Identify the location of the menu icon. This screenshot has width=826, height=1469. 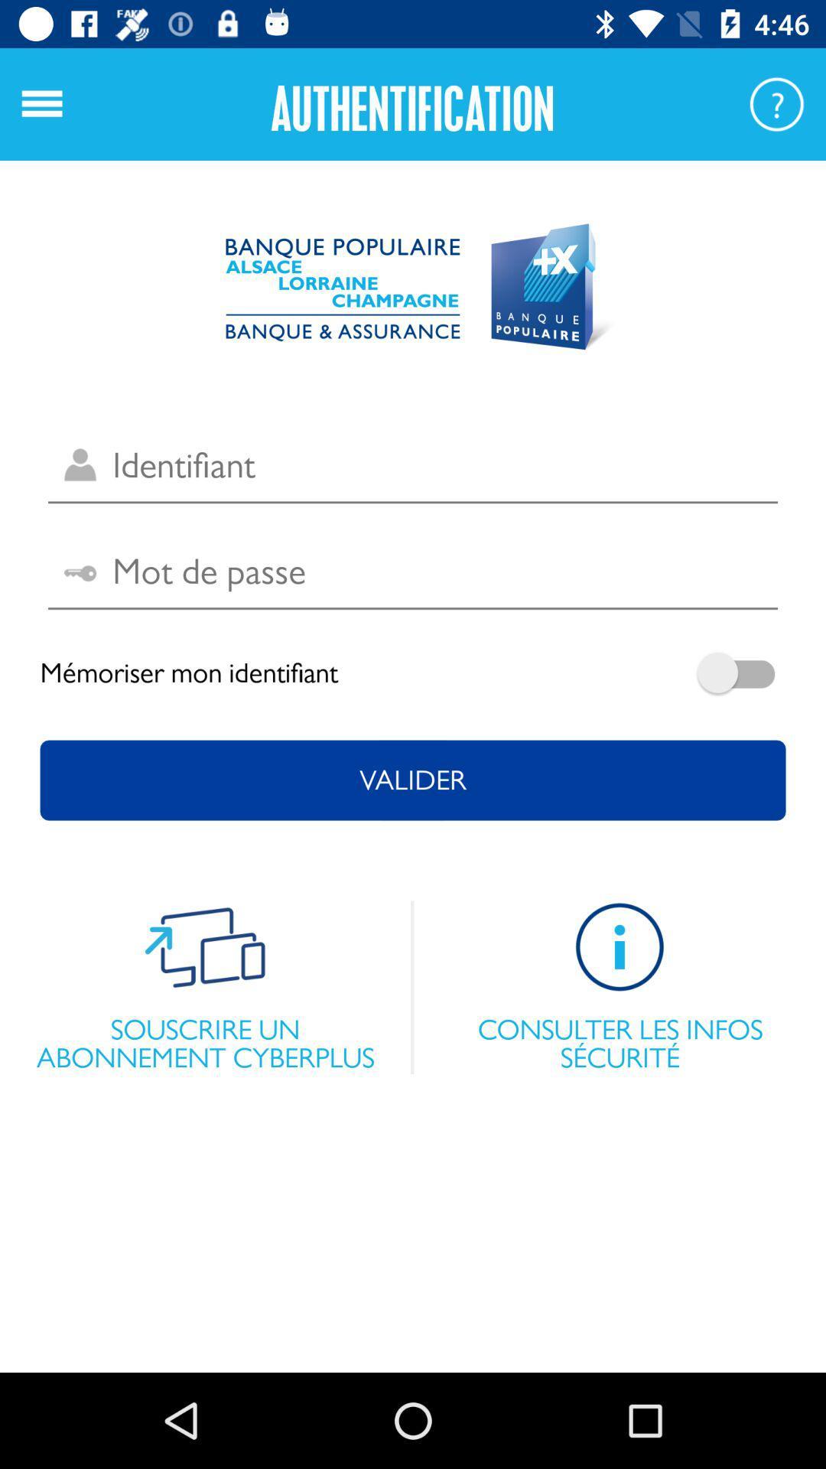
(41, 103).